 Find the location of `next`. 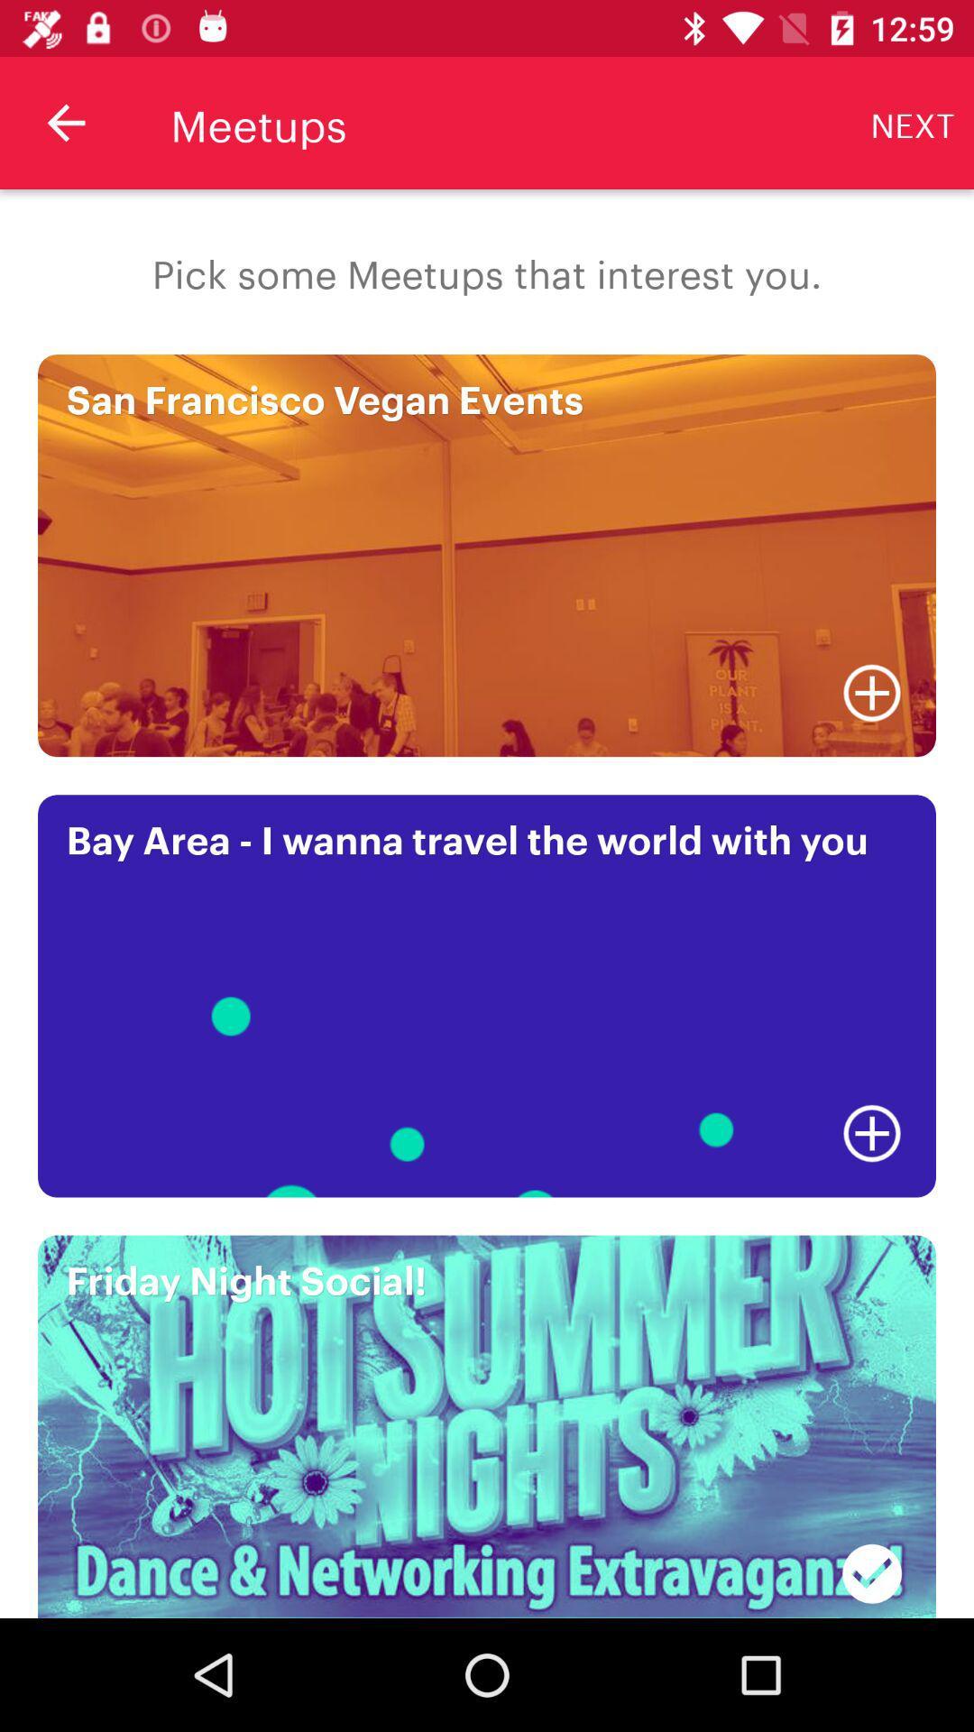

next is located at coordinates (913, 122).